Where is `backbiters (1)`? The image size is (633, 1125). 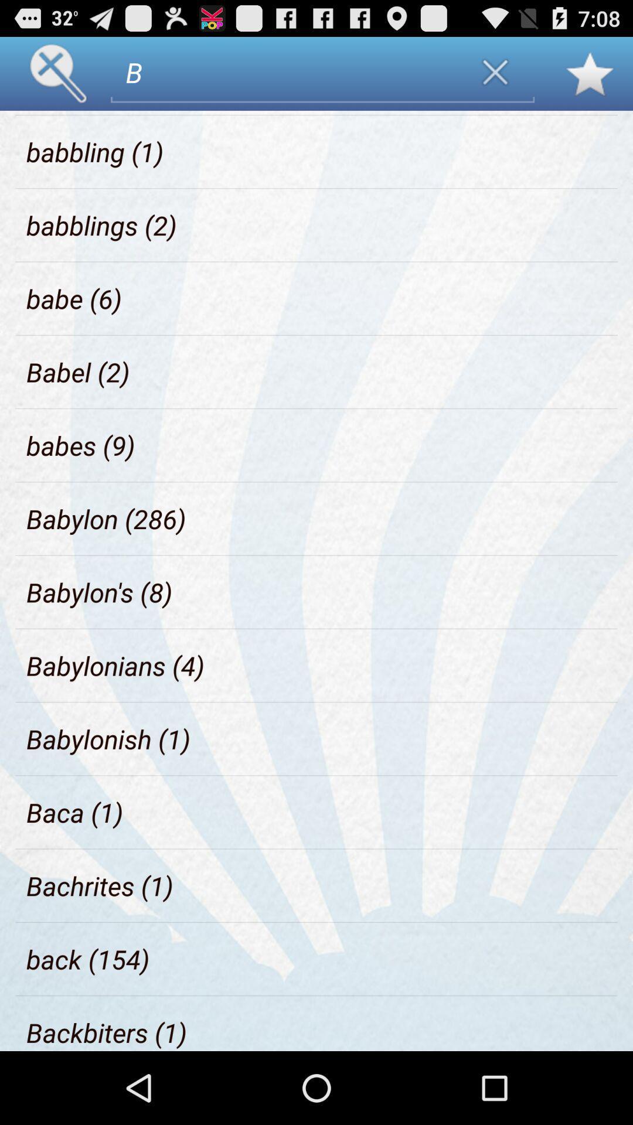 backbiters (1) is located at coordinates (107, 1032).